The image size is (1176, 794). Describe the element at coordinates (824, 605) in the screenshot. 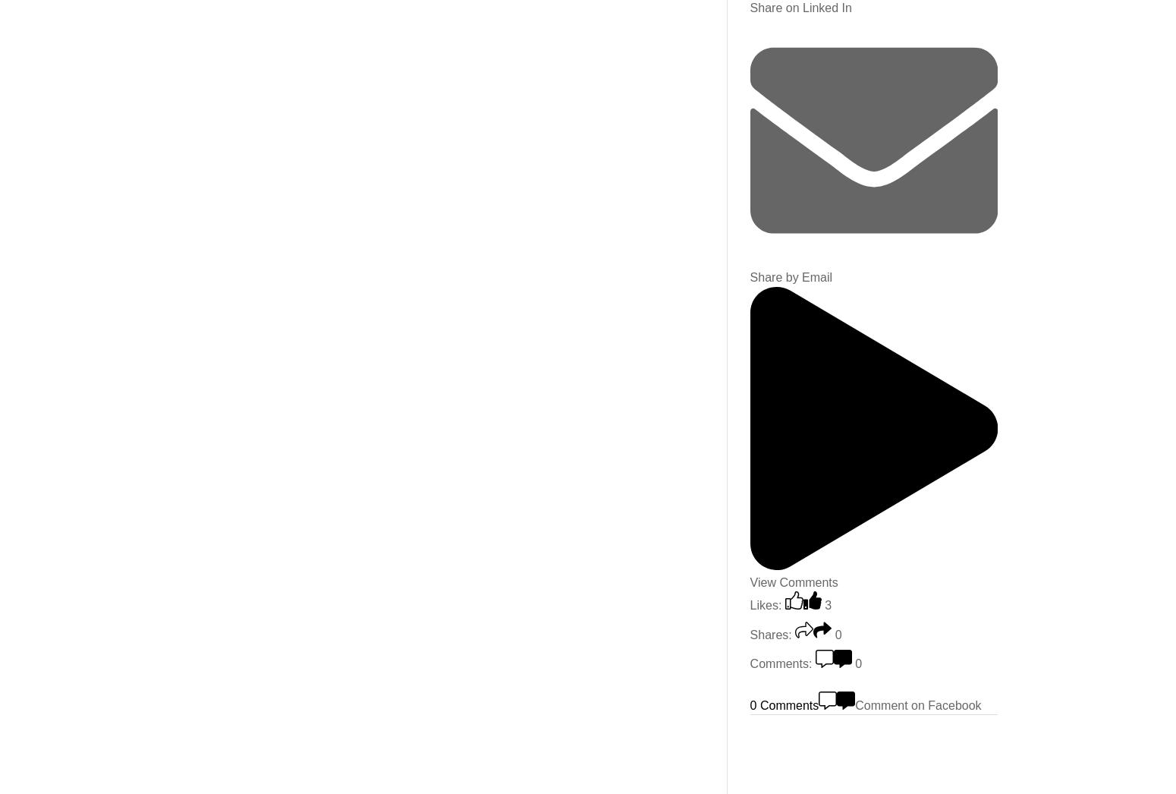

I see `'3'` at that location.